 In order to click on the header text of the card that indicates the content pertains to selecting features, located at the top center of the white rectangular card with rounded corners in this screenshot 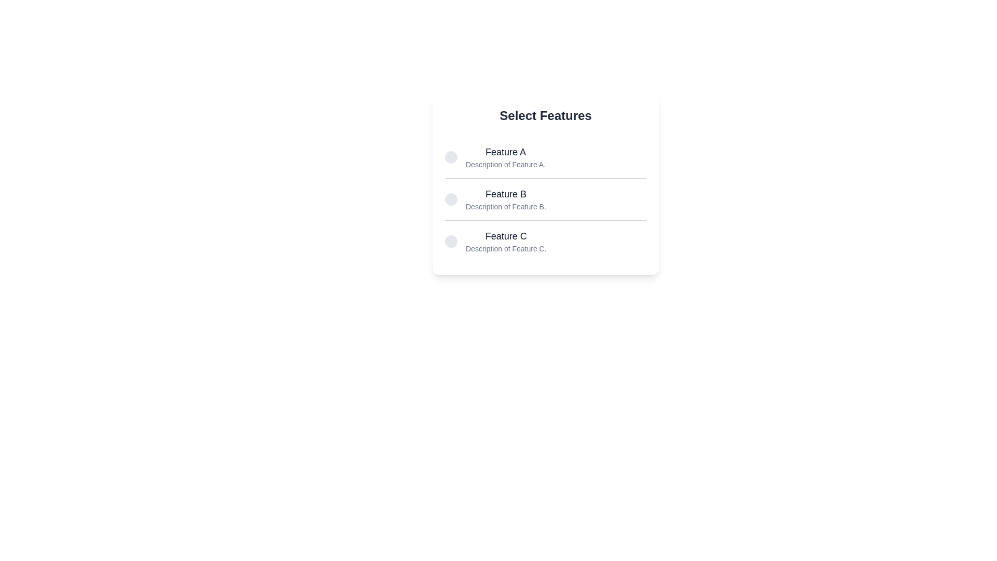, I will do `click(545, 116)`.